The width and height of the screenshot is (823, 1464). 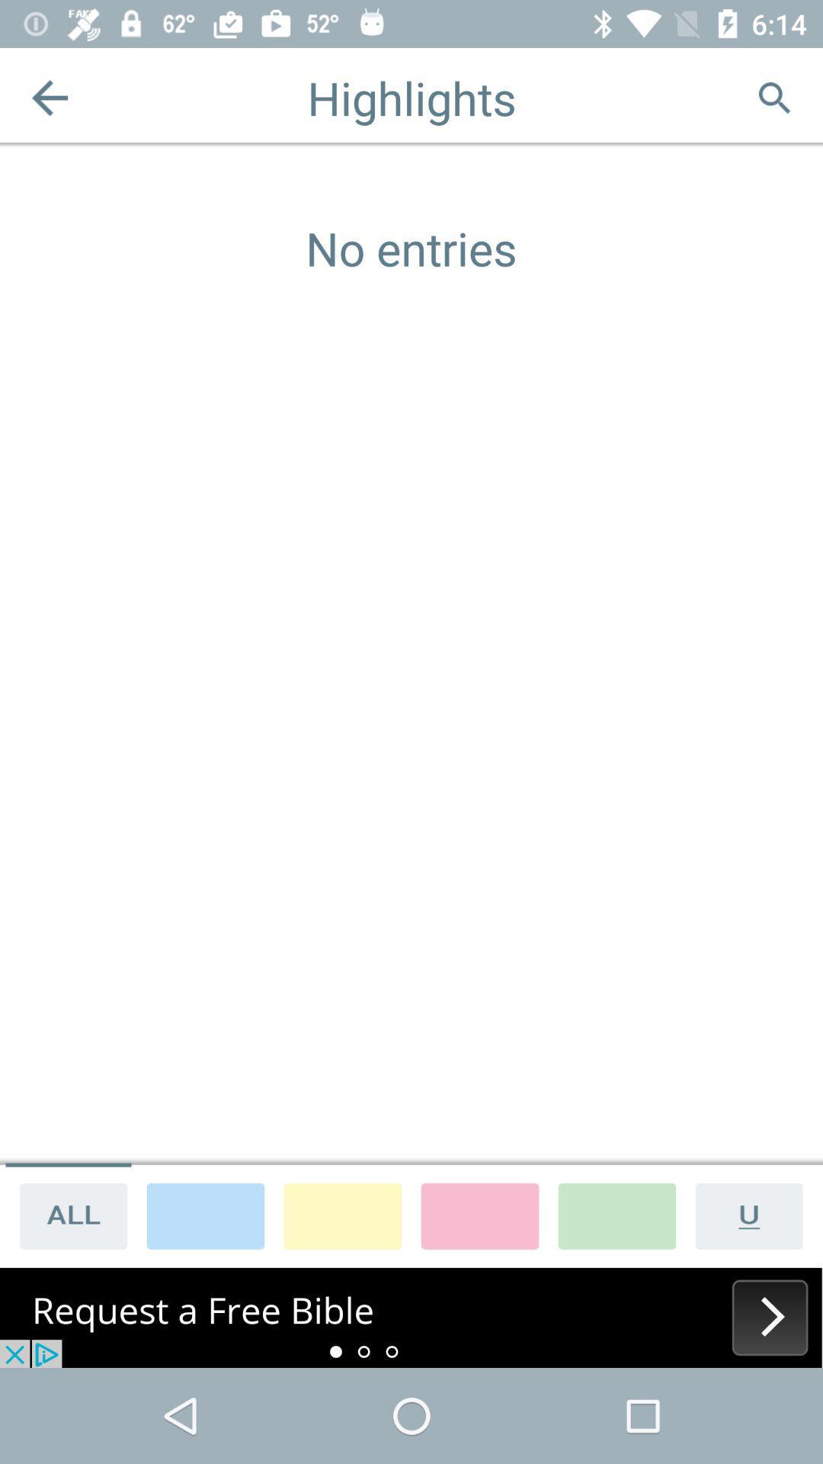 What do you see at coordinates (479, 1215) in the screenshot?
I see `change color` at bounding box center [479, 1215].